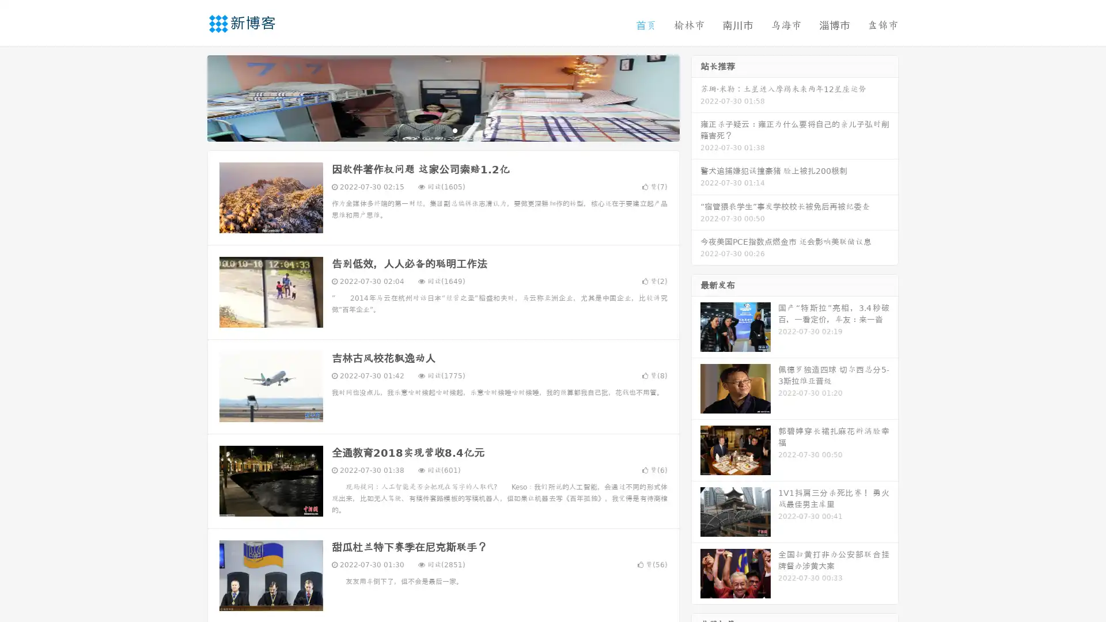  I want to click on Go to slide 1, so click(431, 130).